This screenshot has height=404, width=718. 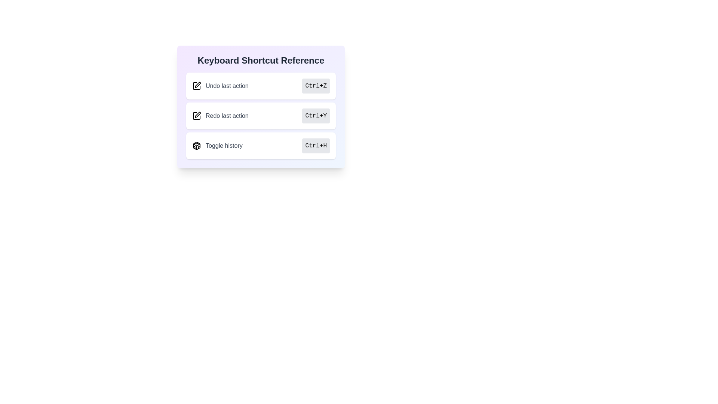 What do you see at coordinates (227, 116) in the screenshot?
I see `the text label that displays 'Redo last action' in gray font, located in the middle row of the 'Keyboard Shortcut Reference' section` at bounding box center [227, 116].